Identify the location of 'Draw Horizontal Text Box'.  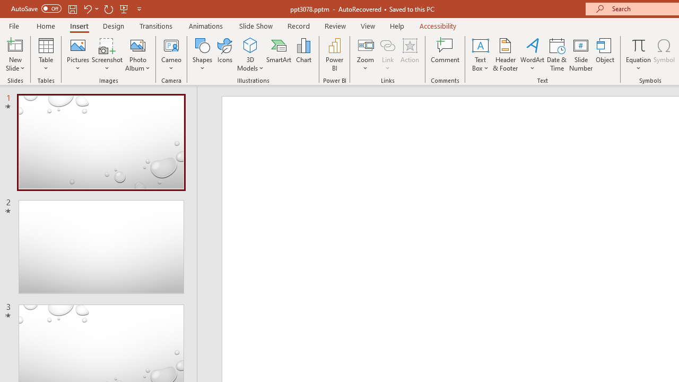
(480, 45).